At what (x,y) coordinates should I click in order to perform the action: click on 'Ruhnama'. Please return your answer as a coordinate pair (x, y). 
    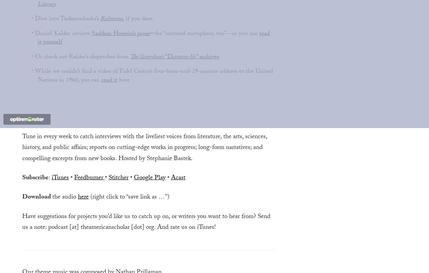
    Looking at the image, I should click on (111, 19).